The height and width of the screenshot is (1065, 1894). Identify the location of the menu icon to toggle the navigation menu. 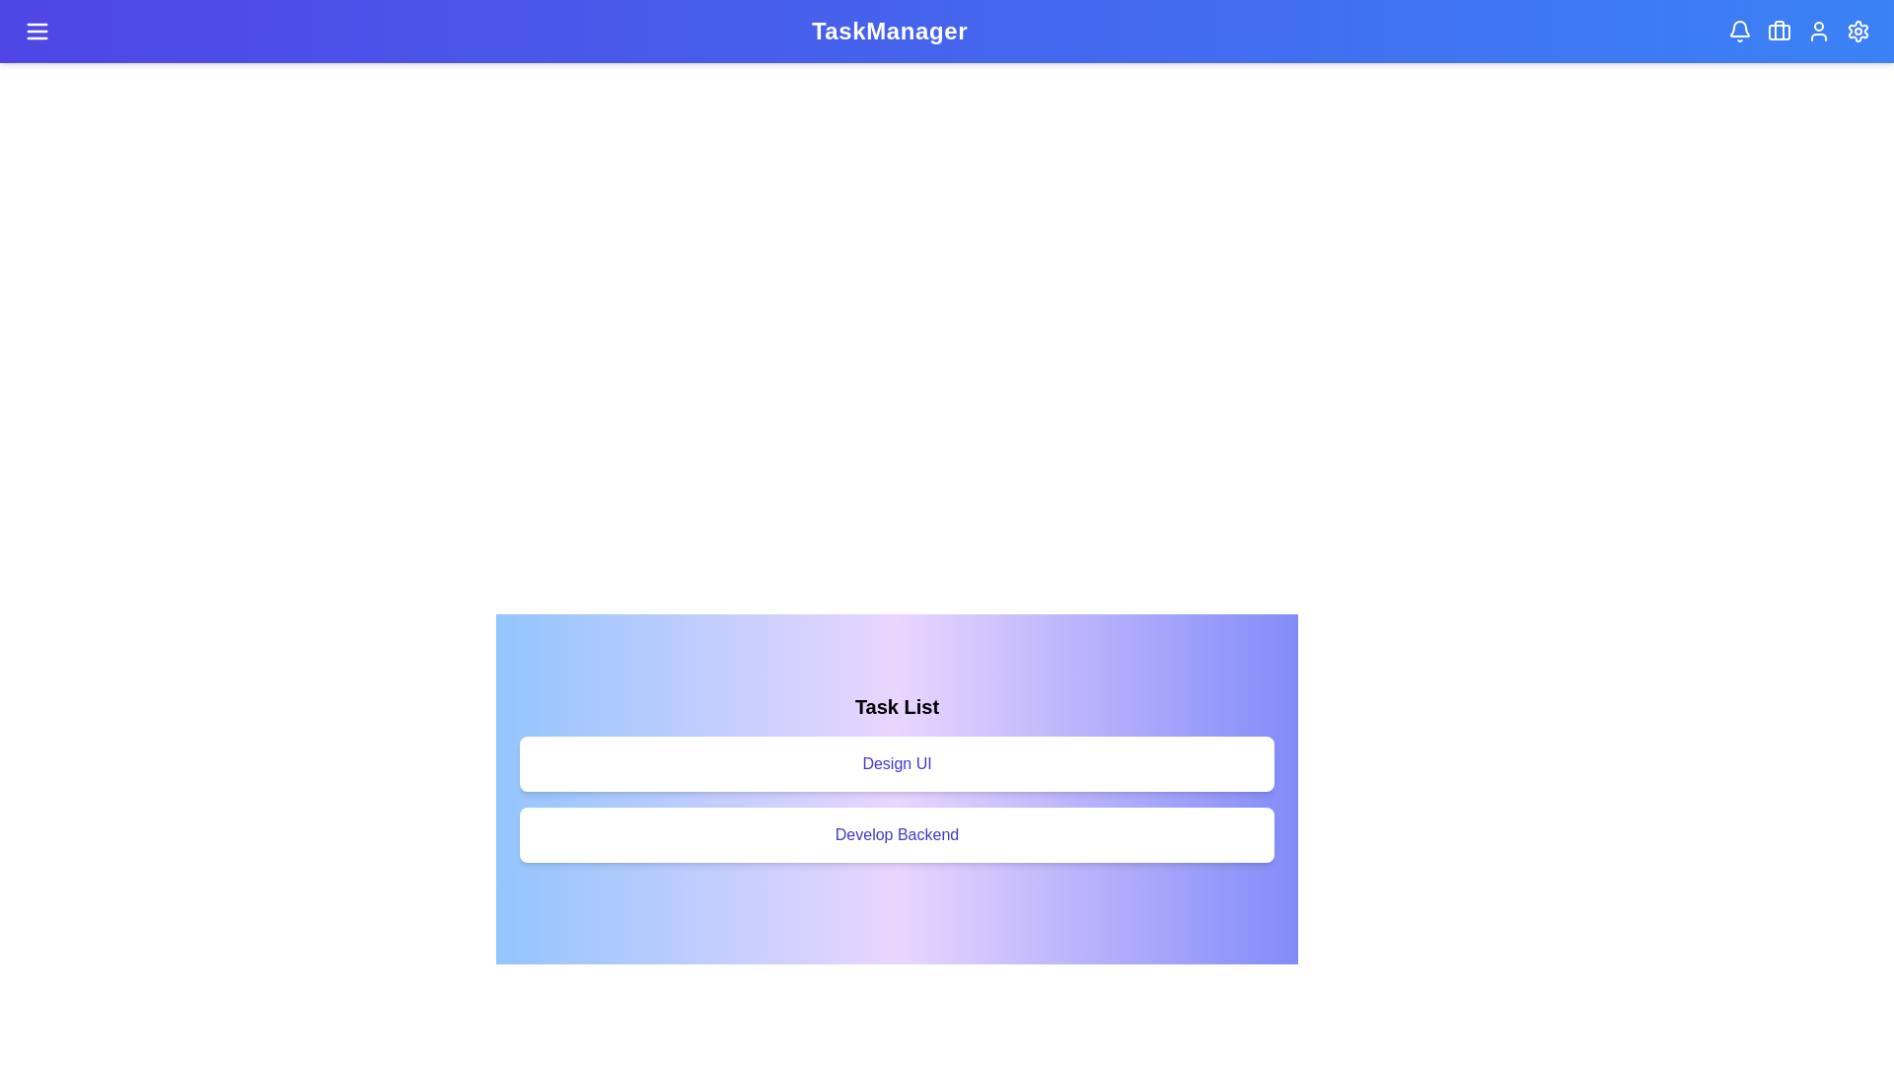
(37, 31).